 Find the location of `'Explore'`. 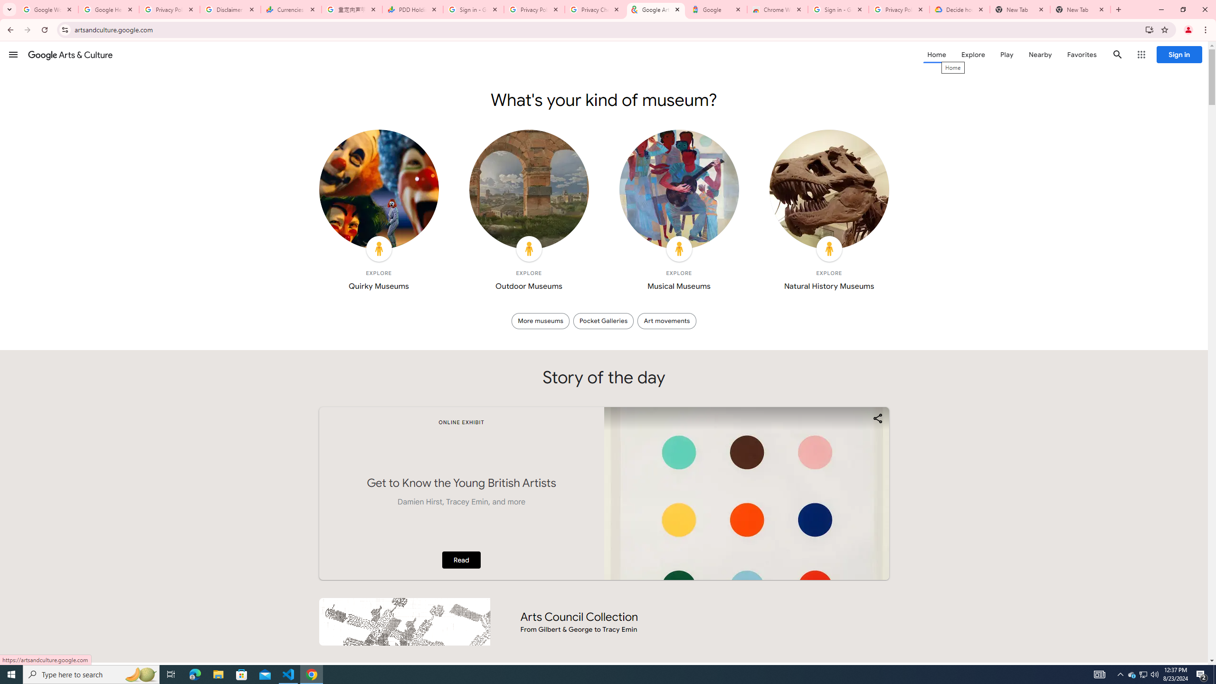

'Explore' is located at coordinates (972, 54).